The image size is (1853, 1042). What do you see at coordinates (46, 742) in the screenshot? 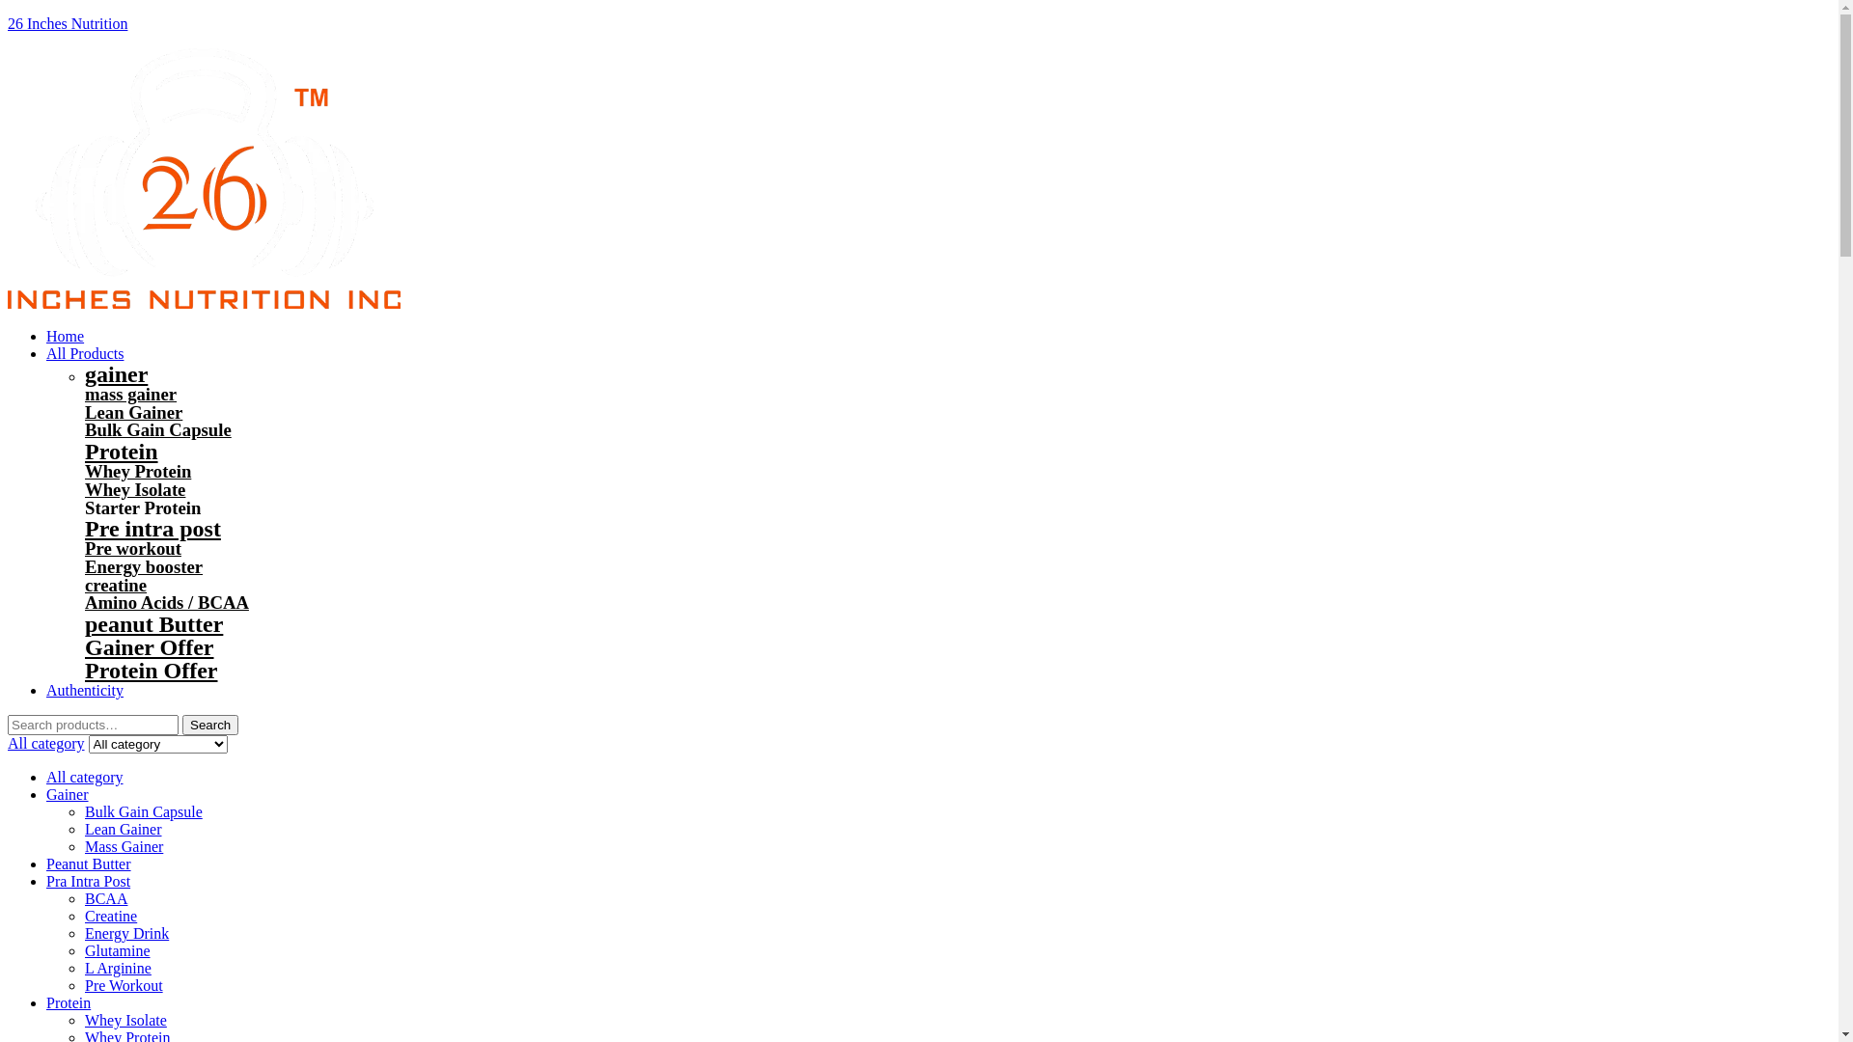
I see `'All category'` at bounding box center [46, 742].